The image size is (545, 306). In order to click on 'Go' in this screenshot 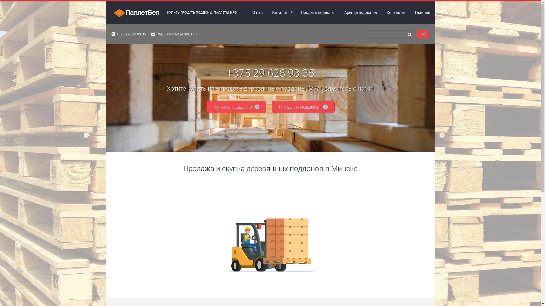, I will do `click(422, 34)`.